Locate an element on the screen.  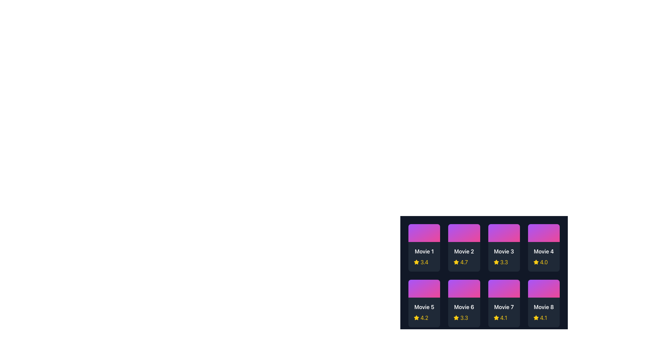
the star icon representing the rating for the sixth movie item, which is positioned to the left of the numeric value '3.3' below the title 'Movie 6' is located at coordinates (456, 318).